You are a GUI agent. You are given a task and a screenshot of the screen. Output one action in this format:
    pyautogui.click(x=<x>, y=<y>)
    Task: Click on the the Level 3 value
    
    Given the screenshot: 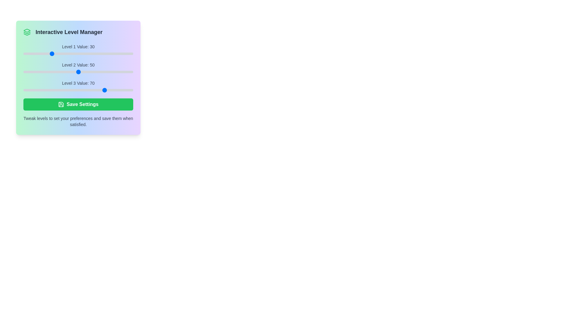 What is the action you would take?
    pyautogui.click(x=41, y=90)
    